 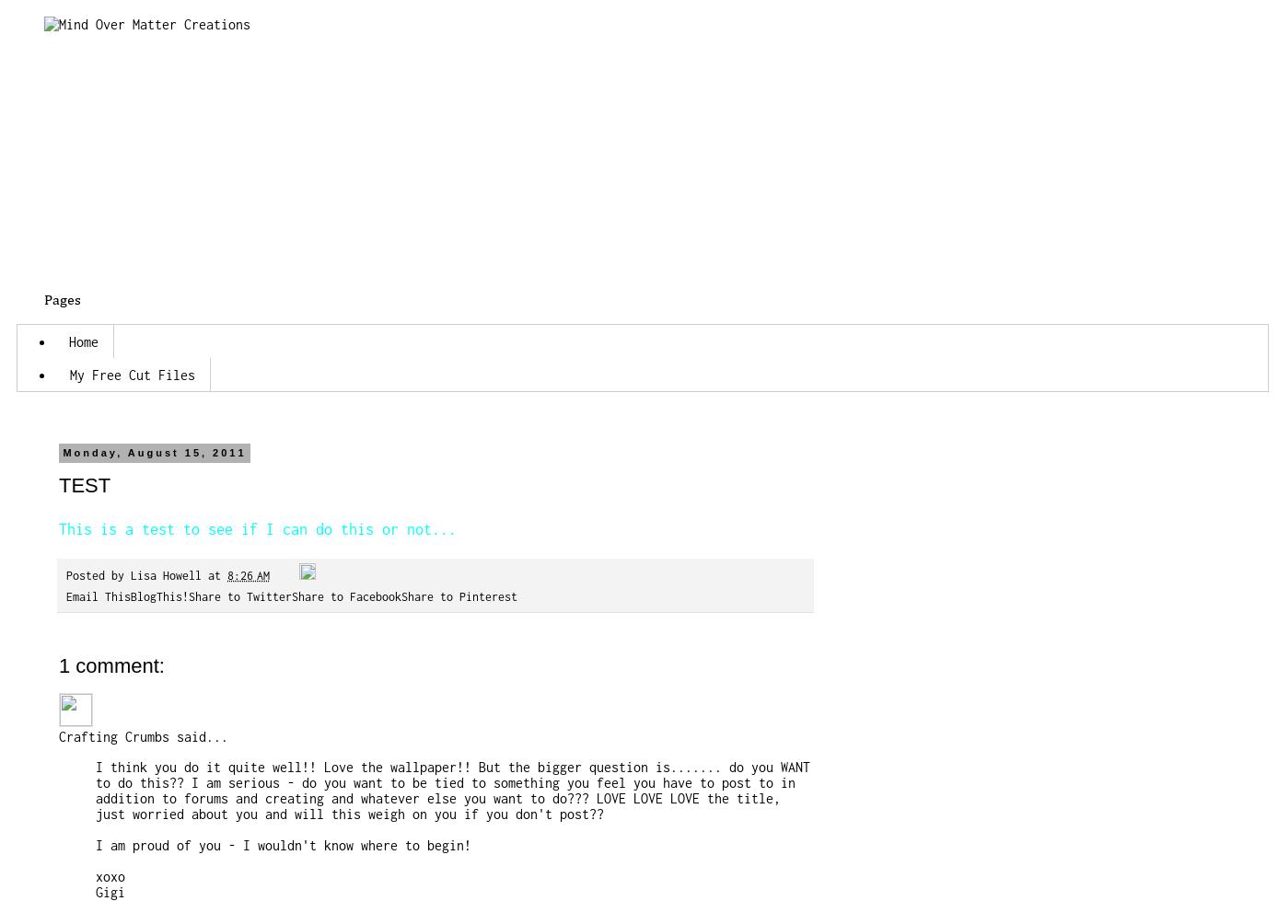 What do you see at coordinates (84, 484) in the screenshot?
I see `'TEST'` at bounding box center [84, 484].